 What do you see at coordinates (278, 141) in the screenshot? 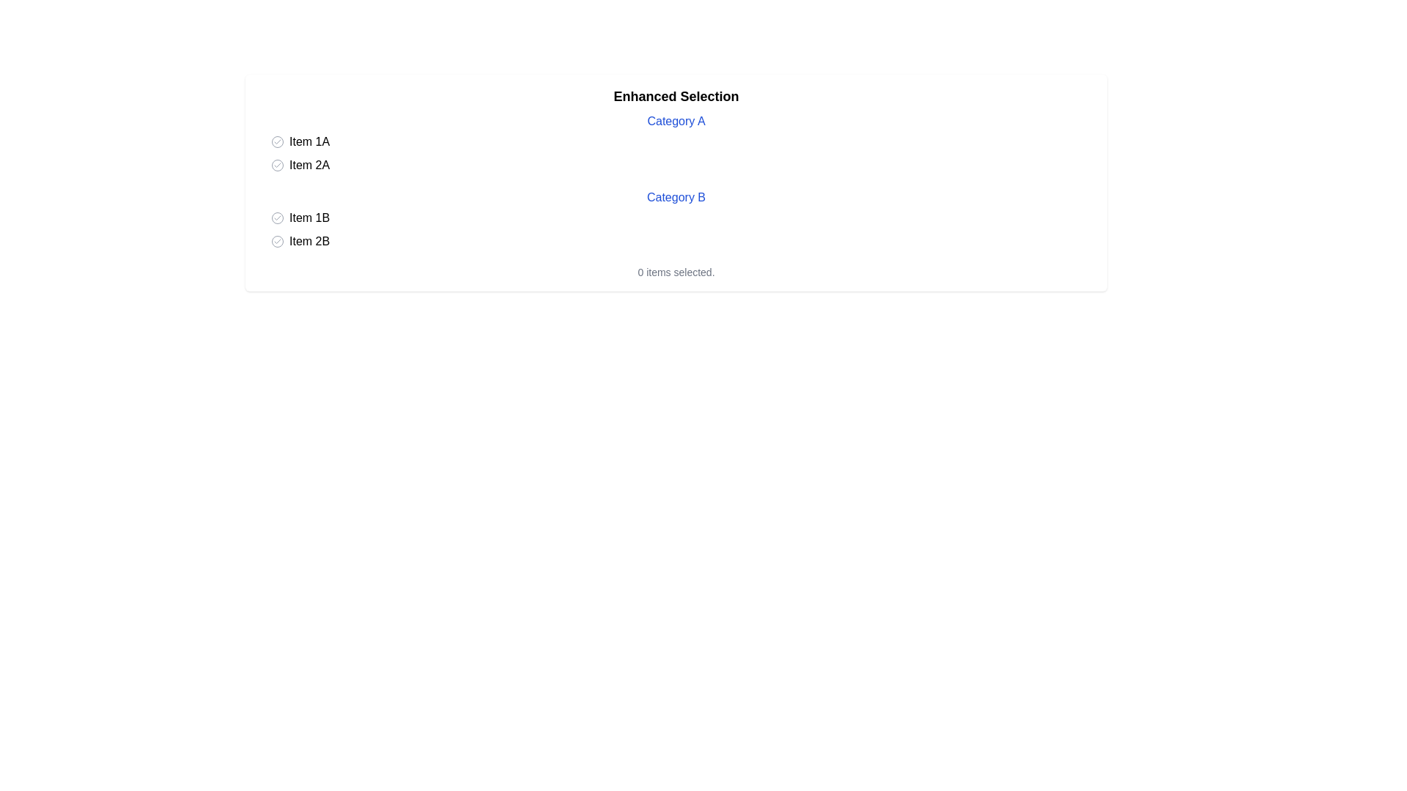
I see `the circular checkbox styled as a selection marker located to the left of the text 'Item 1A' in the 'Category A' section` at bounding box center [278, 141].